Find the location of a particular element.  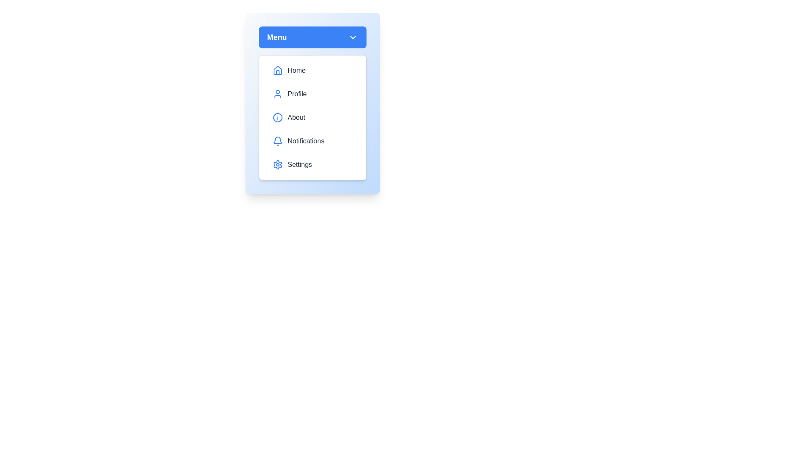

the menu option Settings to highlight it is located at coordinates (312, 165).